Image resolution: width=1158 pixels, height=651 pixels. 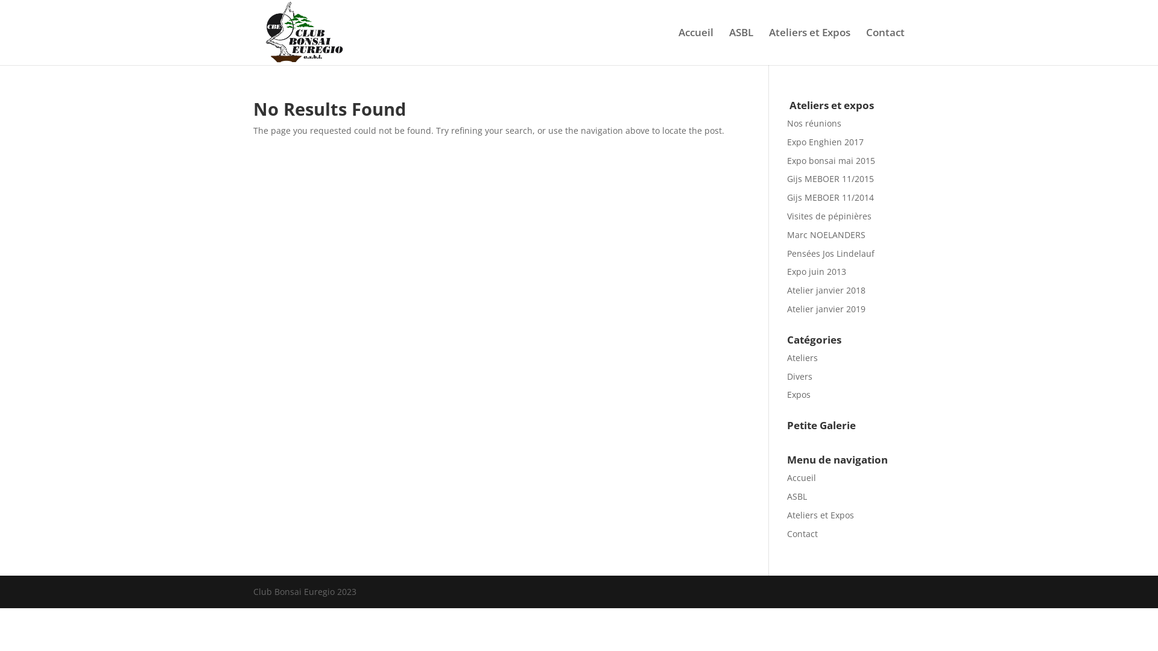 I want to click on 'Atelier janvier 2019', so click(x=825, y=308).